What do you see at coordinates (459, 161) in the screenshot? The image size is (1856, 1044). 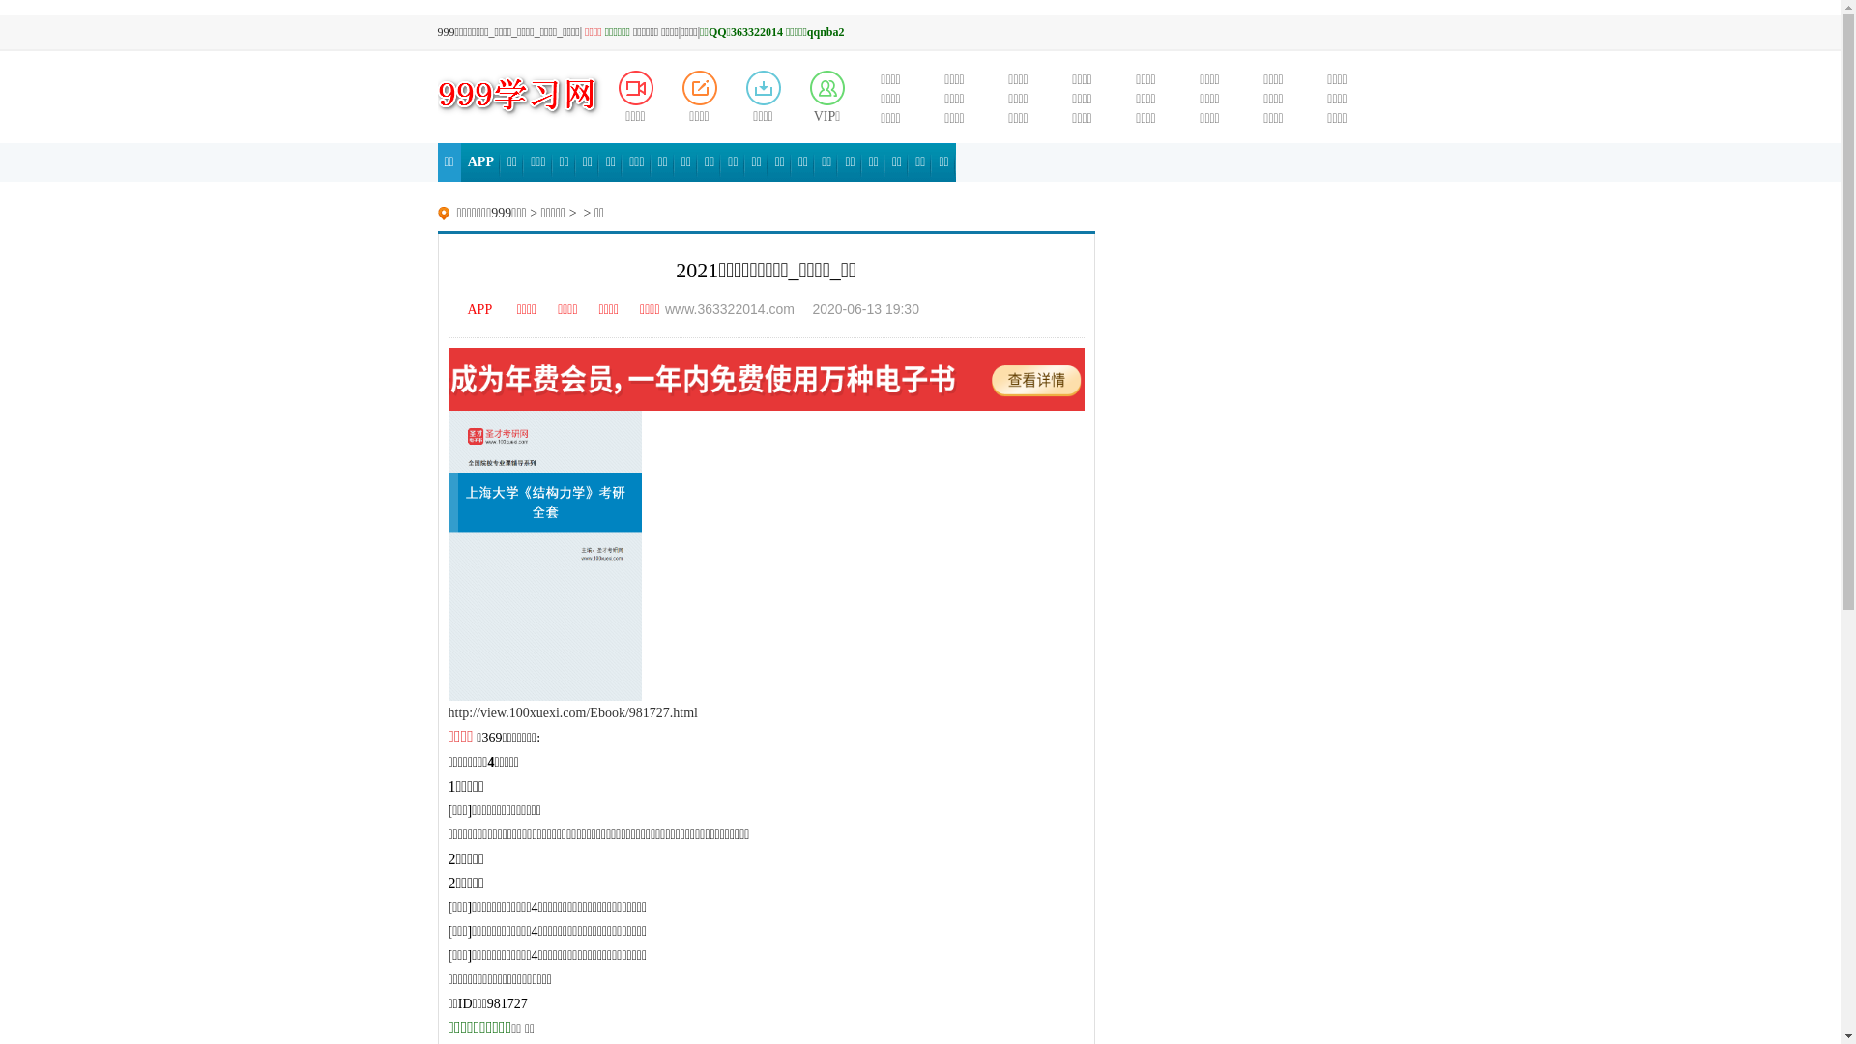 I see `'APP'` at bounding box center [459, 161].